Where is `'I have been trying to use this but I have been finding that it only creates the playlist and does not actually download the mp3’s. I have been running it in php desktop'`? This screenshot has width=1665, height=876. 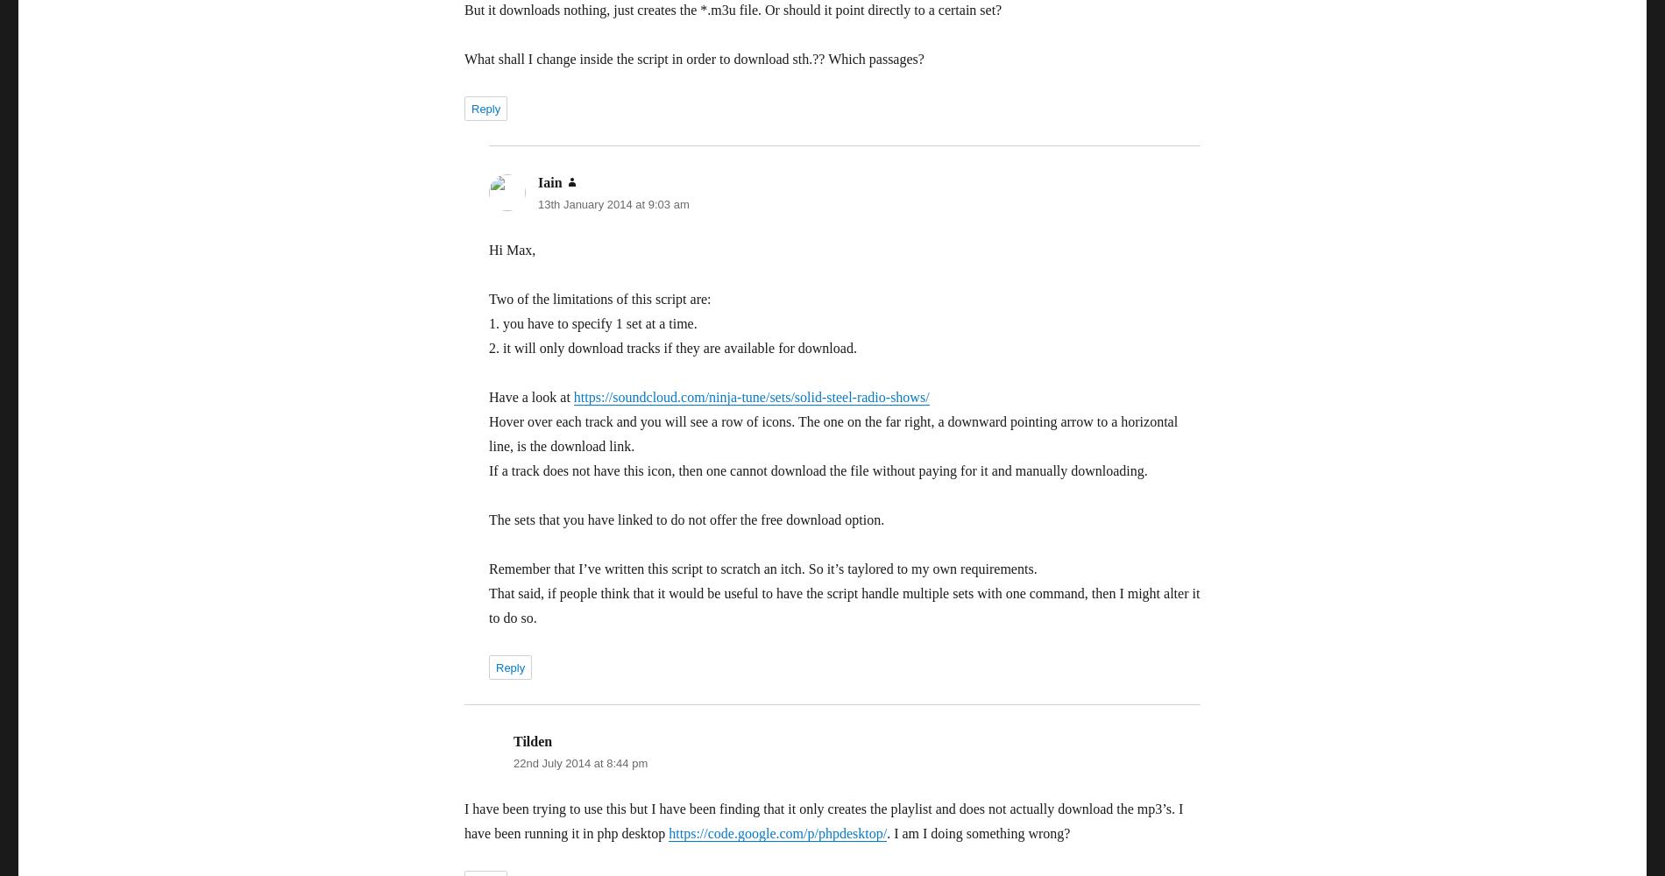 'I have been trying to use this but I have been finding that it only creates the playlist and does not actually download the mp3’s. I have been running it in php desktop' is located at coordinates (822, 821).